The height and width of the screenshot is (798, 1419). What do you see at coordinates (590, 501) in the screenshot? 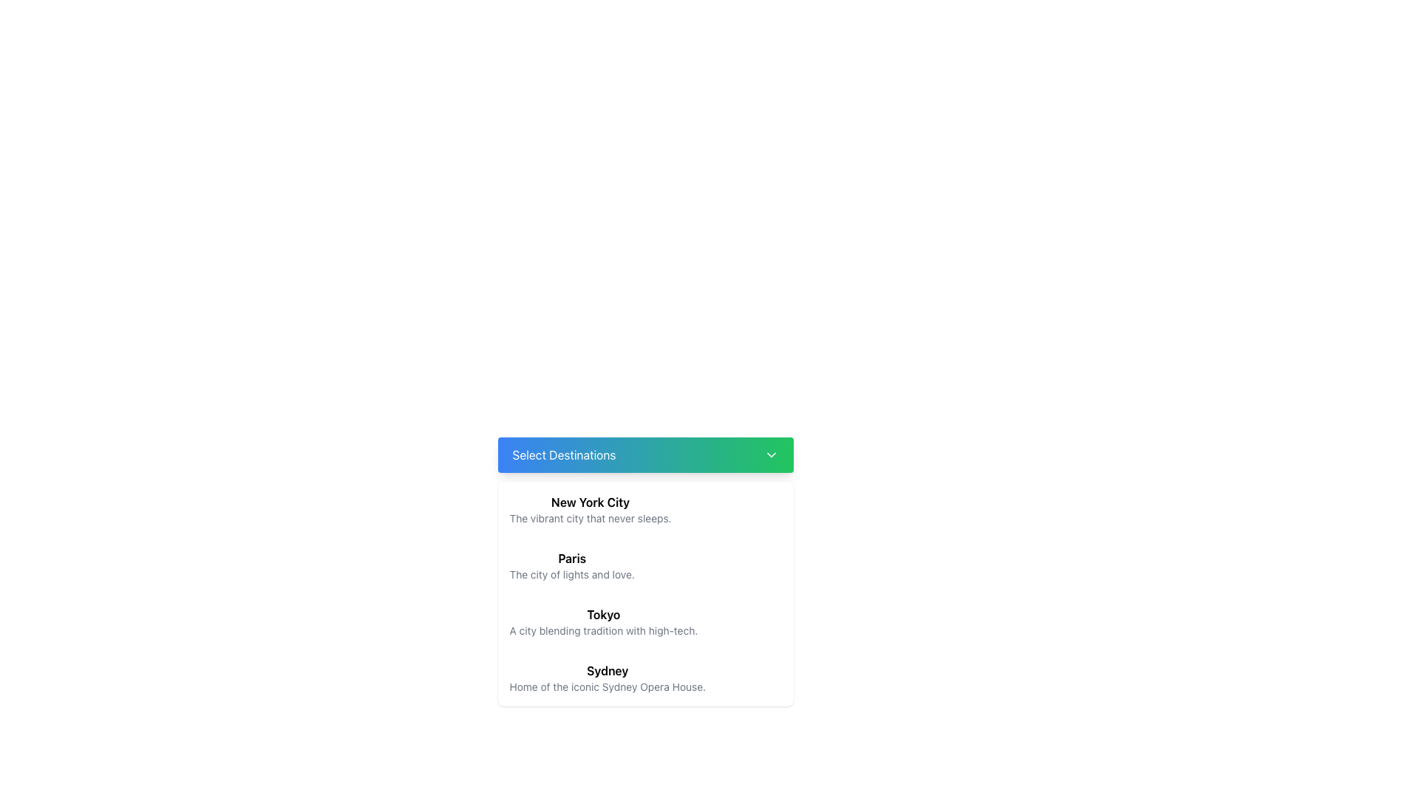
I see `bolded text label 'New York City' located under the 'Select Destinations' dropdown menu` at bounding box center [590, 501].